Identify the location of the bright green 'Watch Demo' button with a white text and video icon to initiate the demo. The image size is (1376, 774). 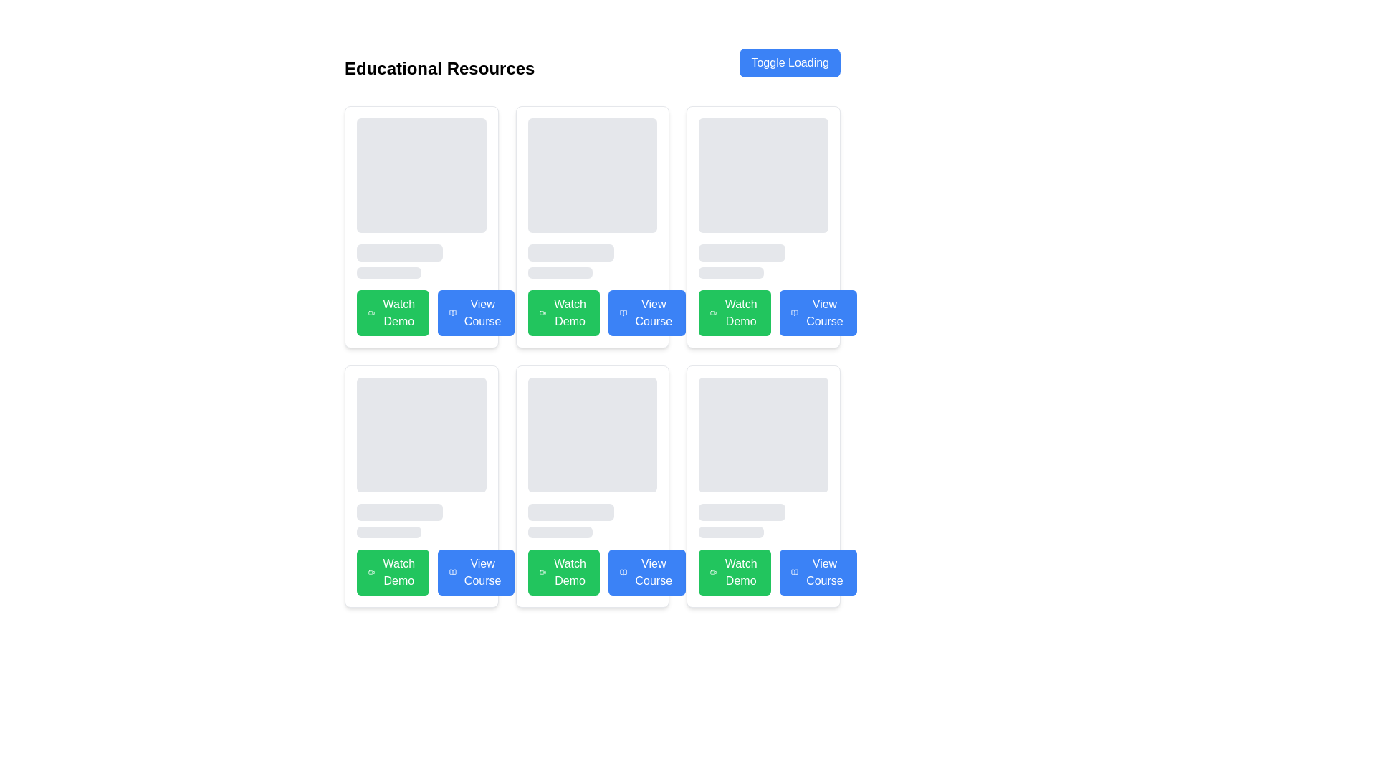
(563, 571).